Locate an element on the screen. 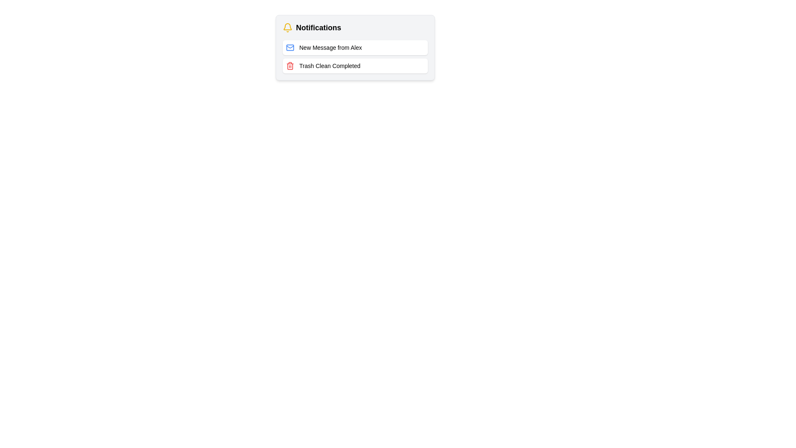 This screenshot has width=796, height=448. the notification item 'New Message from Alex' from the list is located at coordinates (355, 48).